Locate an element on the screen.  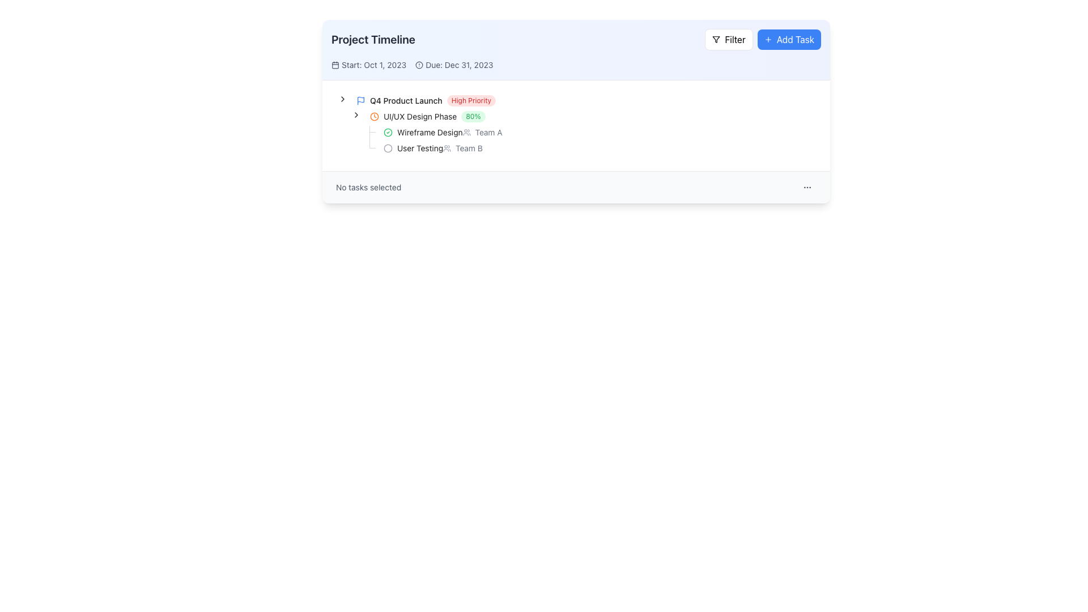
the indent marker or spacer located on the left side of the 'UI/UX Design Phase 80%' entry, which is the first element among its siblings is located at coordinates (342, 116).